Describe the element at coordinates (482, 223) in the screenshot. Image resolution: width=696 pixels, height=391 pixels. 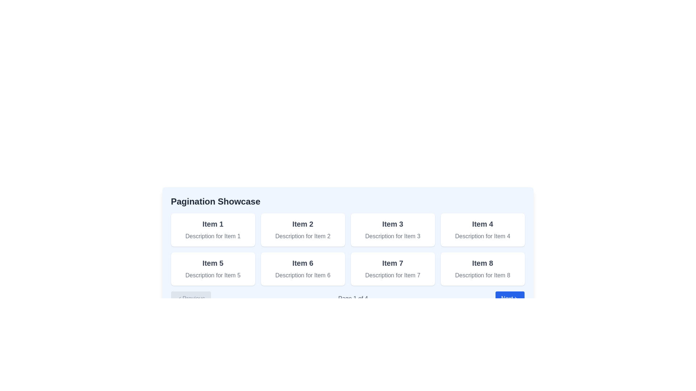
I see `the static text element that serves as the title or heading for a specific item within the grid, located in the top line of the second column` at that location.